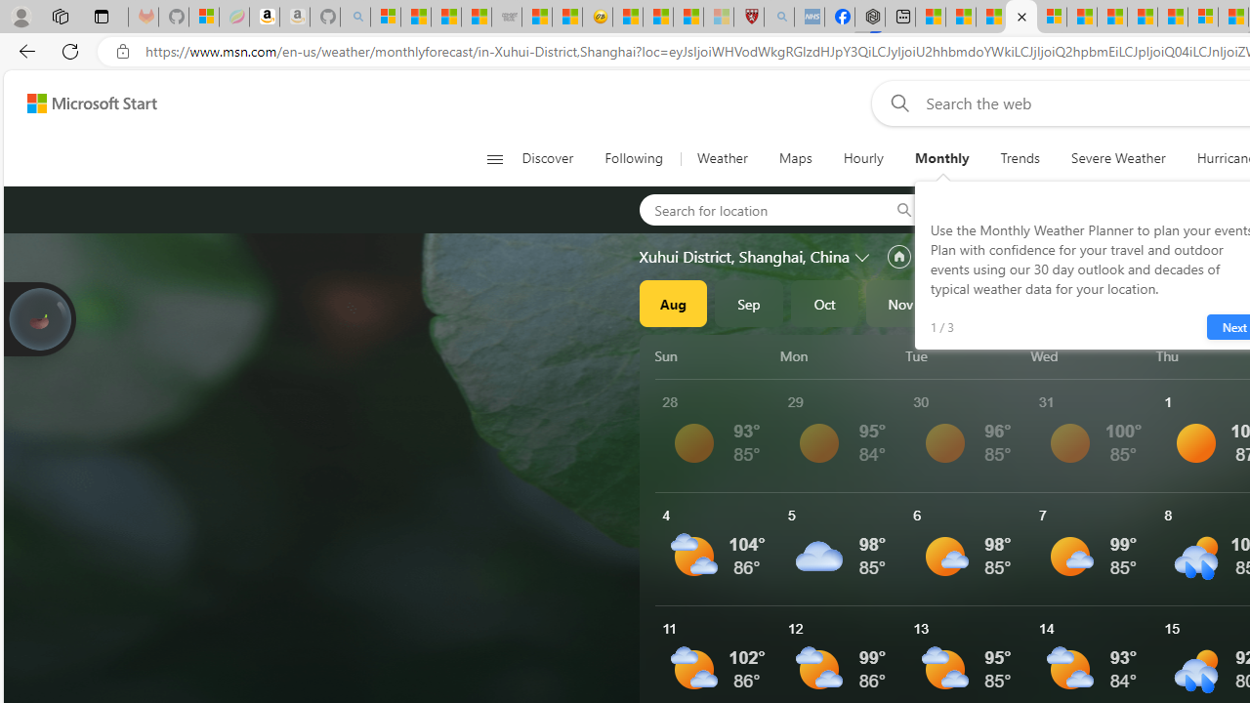  What do you see at coordinates (494, 158) in the screenshot?
I see `'Class: button-glyph'` at bounding box center [494, 158].